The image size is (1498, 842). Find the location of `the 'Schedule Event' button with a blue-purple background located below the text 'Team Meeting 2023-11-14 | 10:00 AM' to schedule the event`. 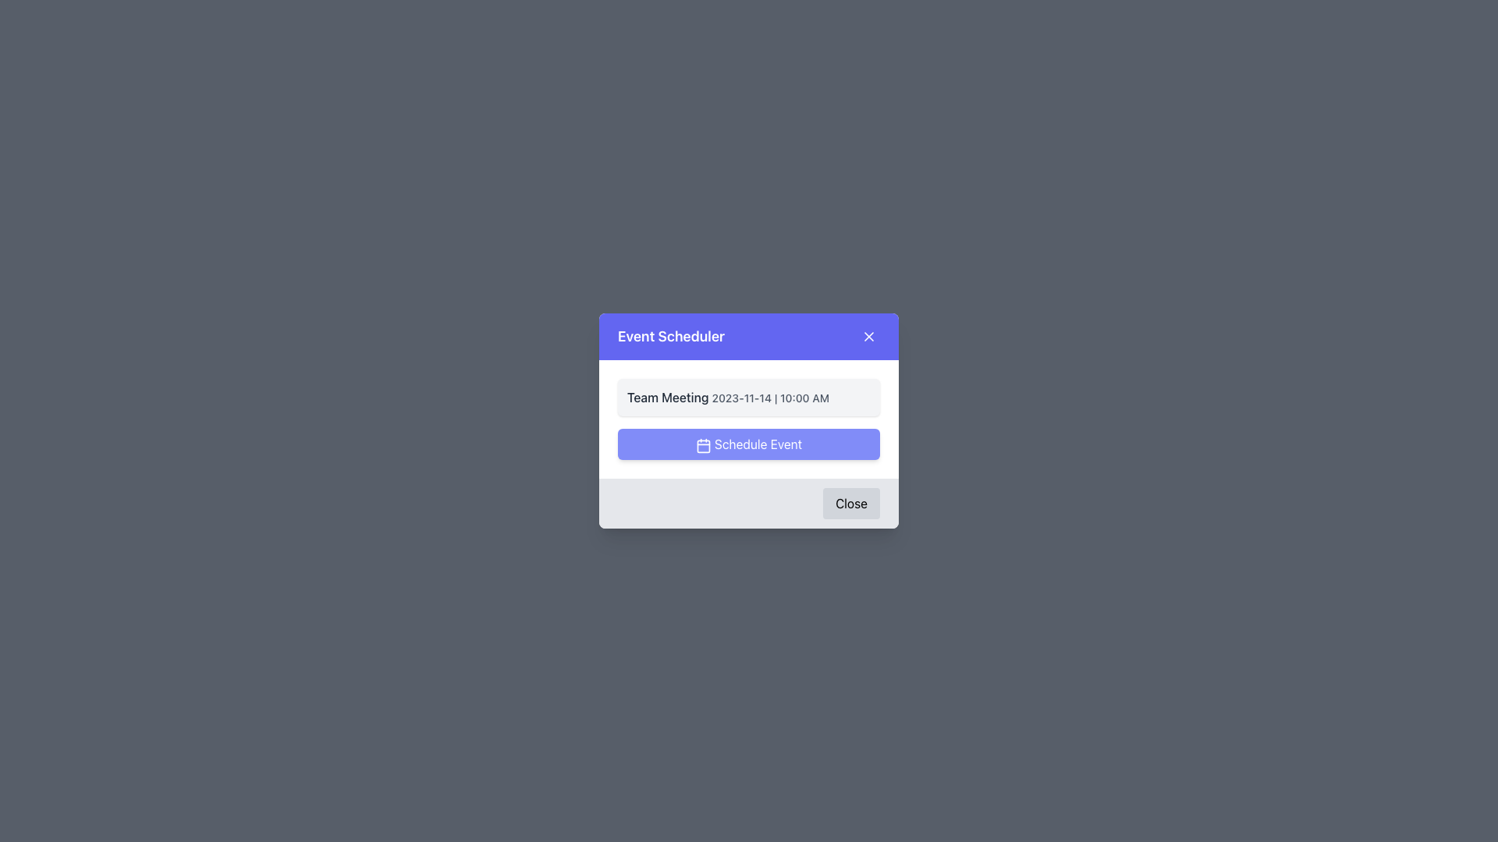

the 'Schedule Event' button with a blue-purple background located below the text 'Team Meeting 2023-11-14 | 10:00 AM' to schedule the event is located at coordinates (749, 444).